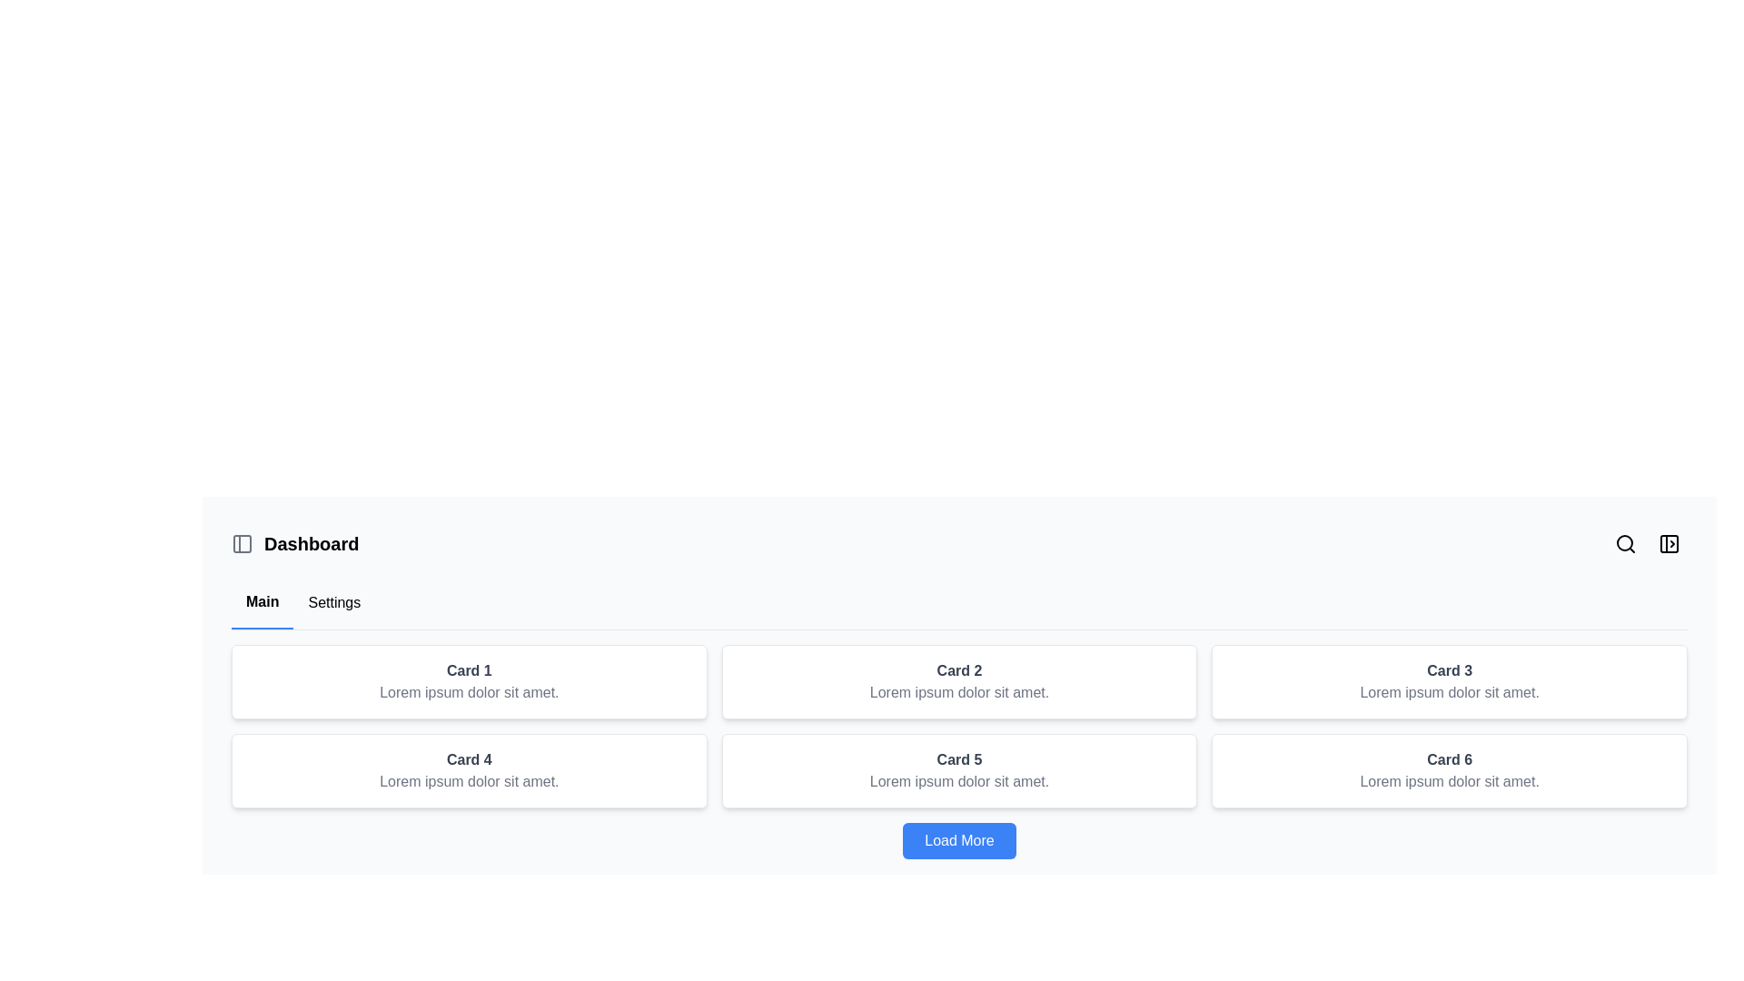  What do you see at coordinates (469, 671) in the screenshot?
I see `the text label that serves as the title for the first card in the two-row grid layout, positioned at the top-center of the interface` at bounding box center [469, 671].